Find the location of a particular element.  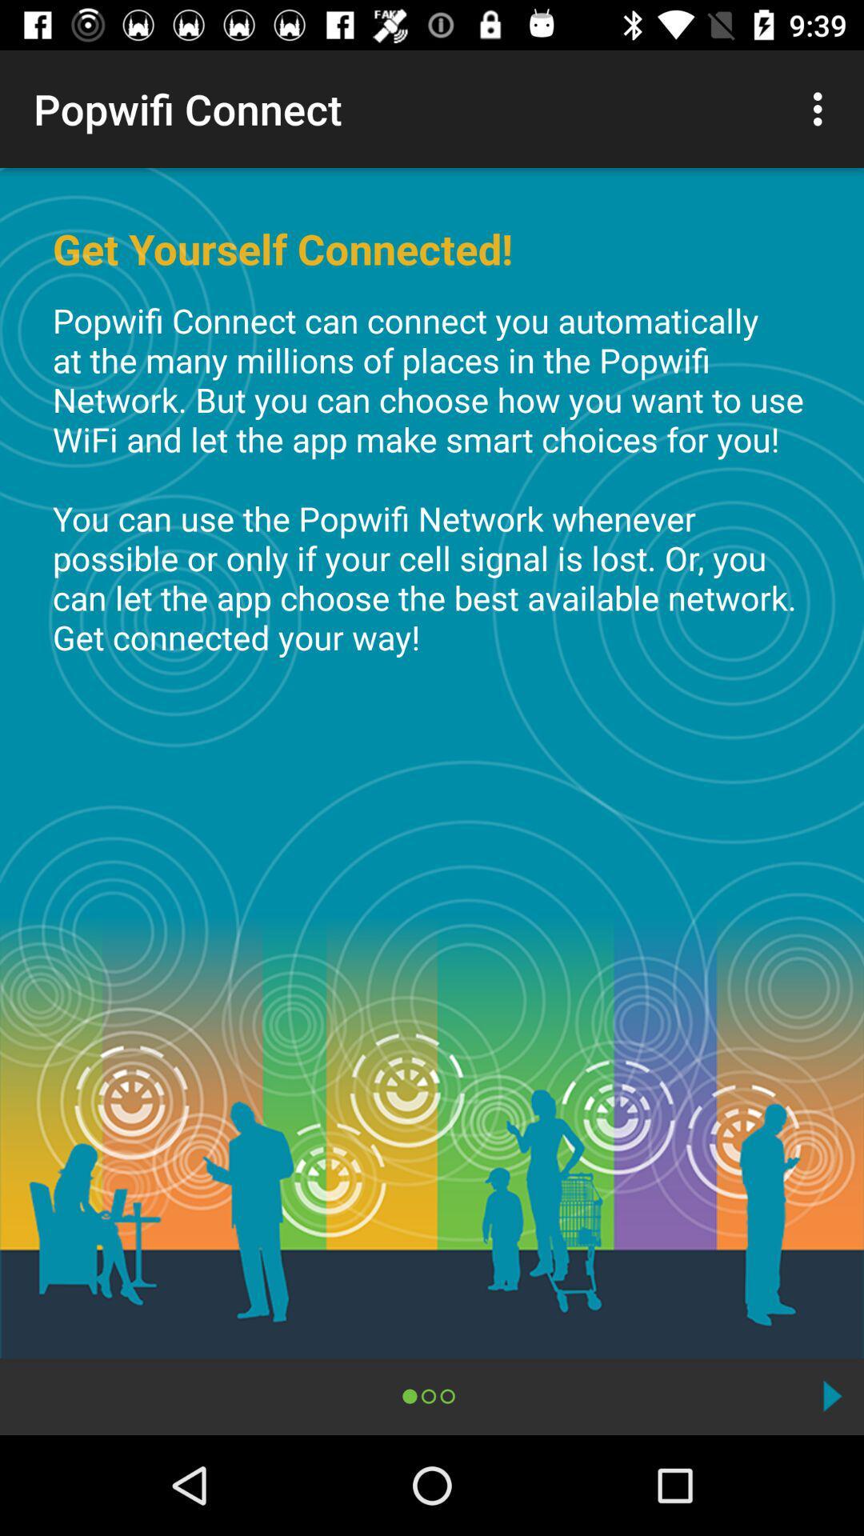

icon next to the popwifi connect icon is located at coordinates (822, 108).